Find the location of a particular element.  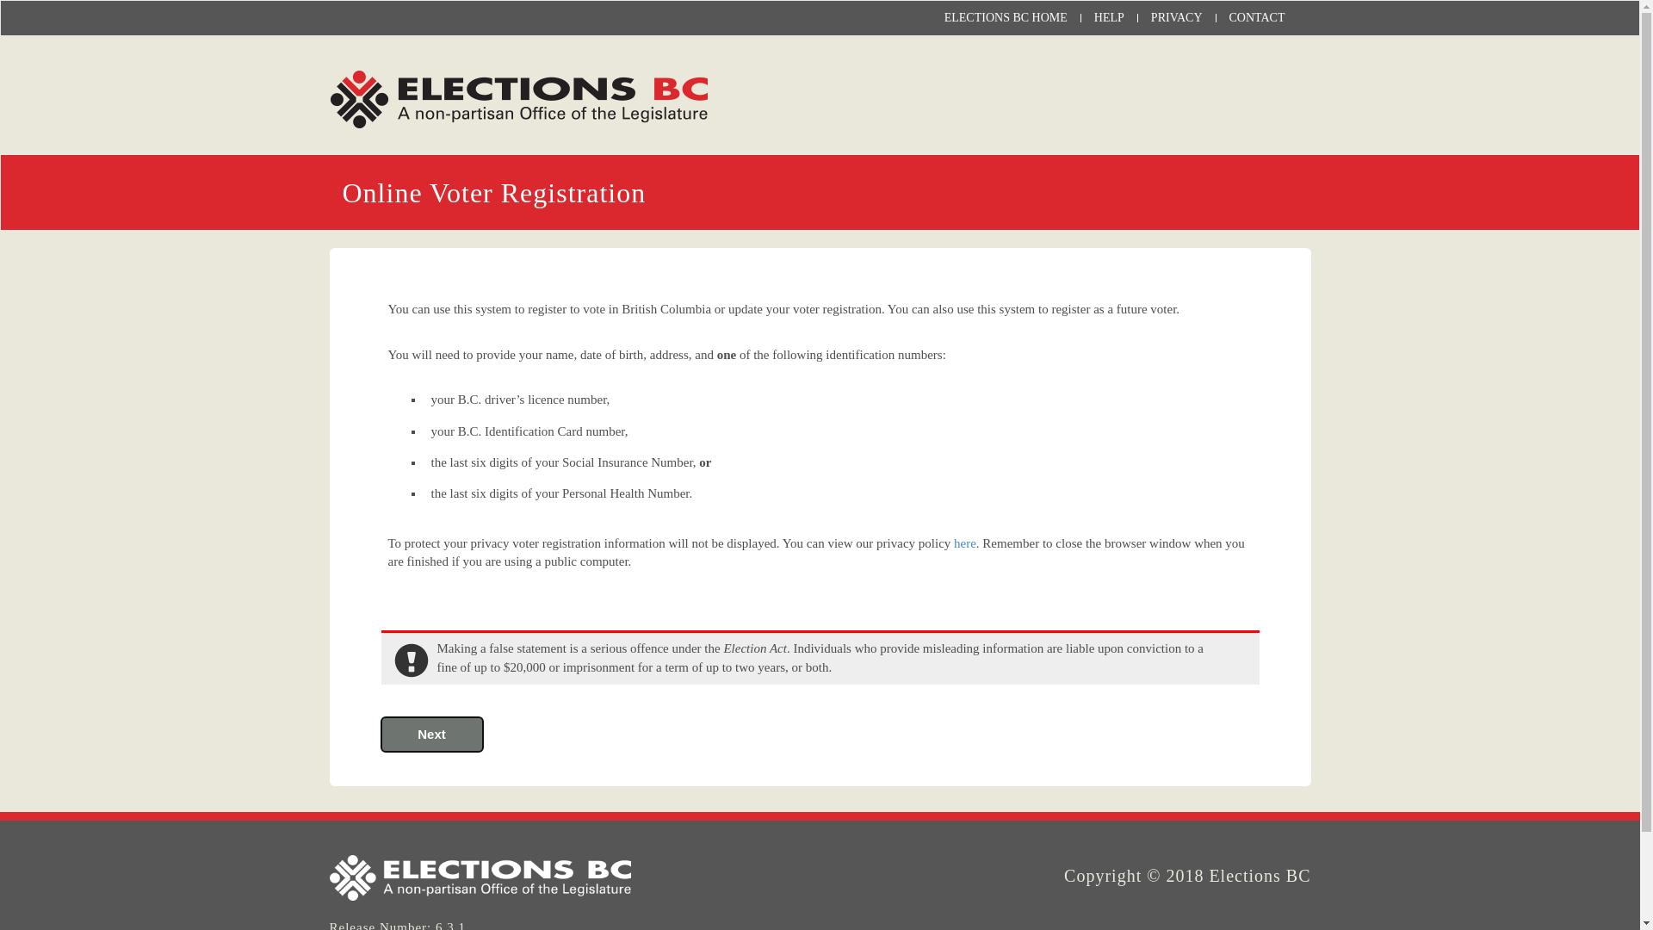

'ELECTIONS BC HOME' is located at coordinates (930, 17).